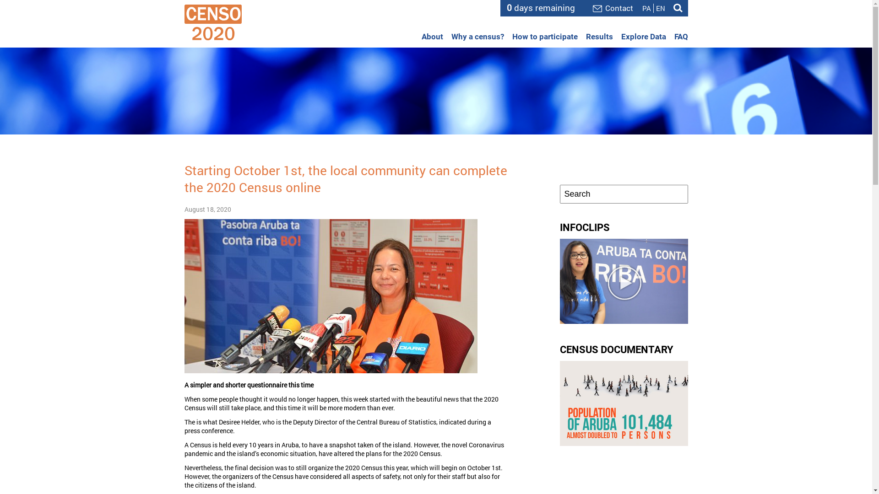 The width and height of the screenshot is (879, 494). I want to click on 'Search', so click(677, 8).